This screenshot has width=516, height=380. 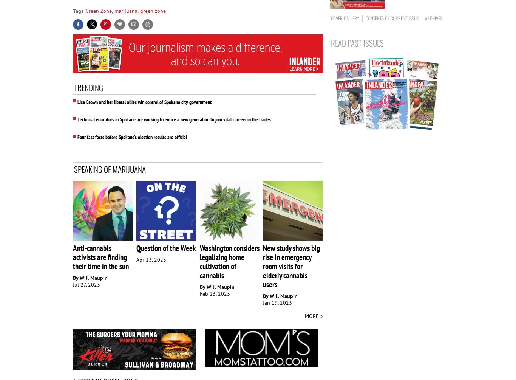 What do you see at coordinates (277, 302) in the screenshot?
I see `'Jan 19, 2023'` at bounding box center [277, 302].